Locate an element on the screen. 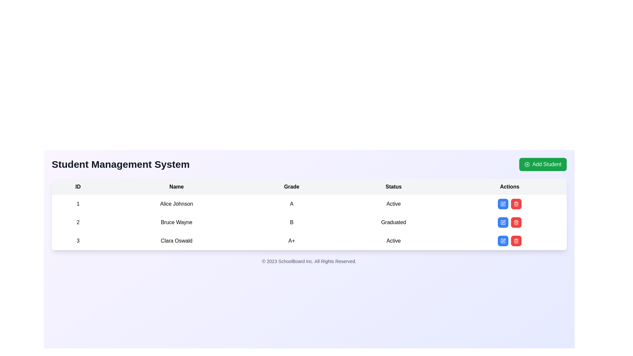 The width and height of the screenshot is (633, 356). the trash bin icon is located at coordinates (516, 203).